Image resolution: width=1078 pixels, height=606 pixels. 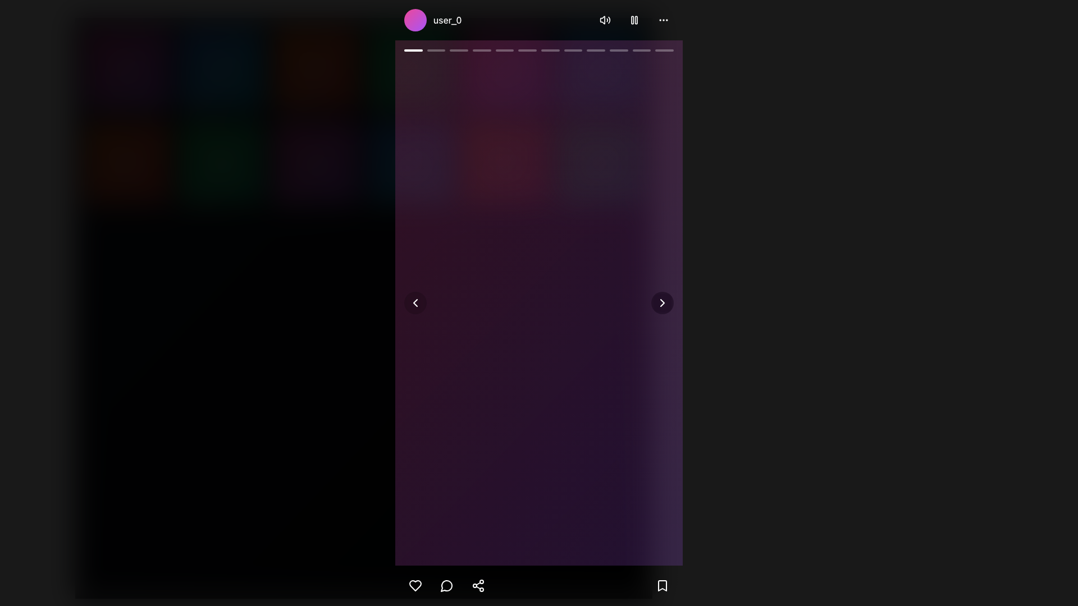 What do you see at coordinates (478, 585) in the screenshot?
I see `the vector-based share icon located at the center of the bottom navigation bar, which is the fourth icon from the left` at bounding box center [478, 585].